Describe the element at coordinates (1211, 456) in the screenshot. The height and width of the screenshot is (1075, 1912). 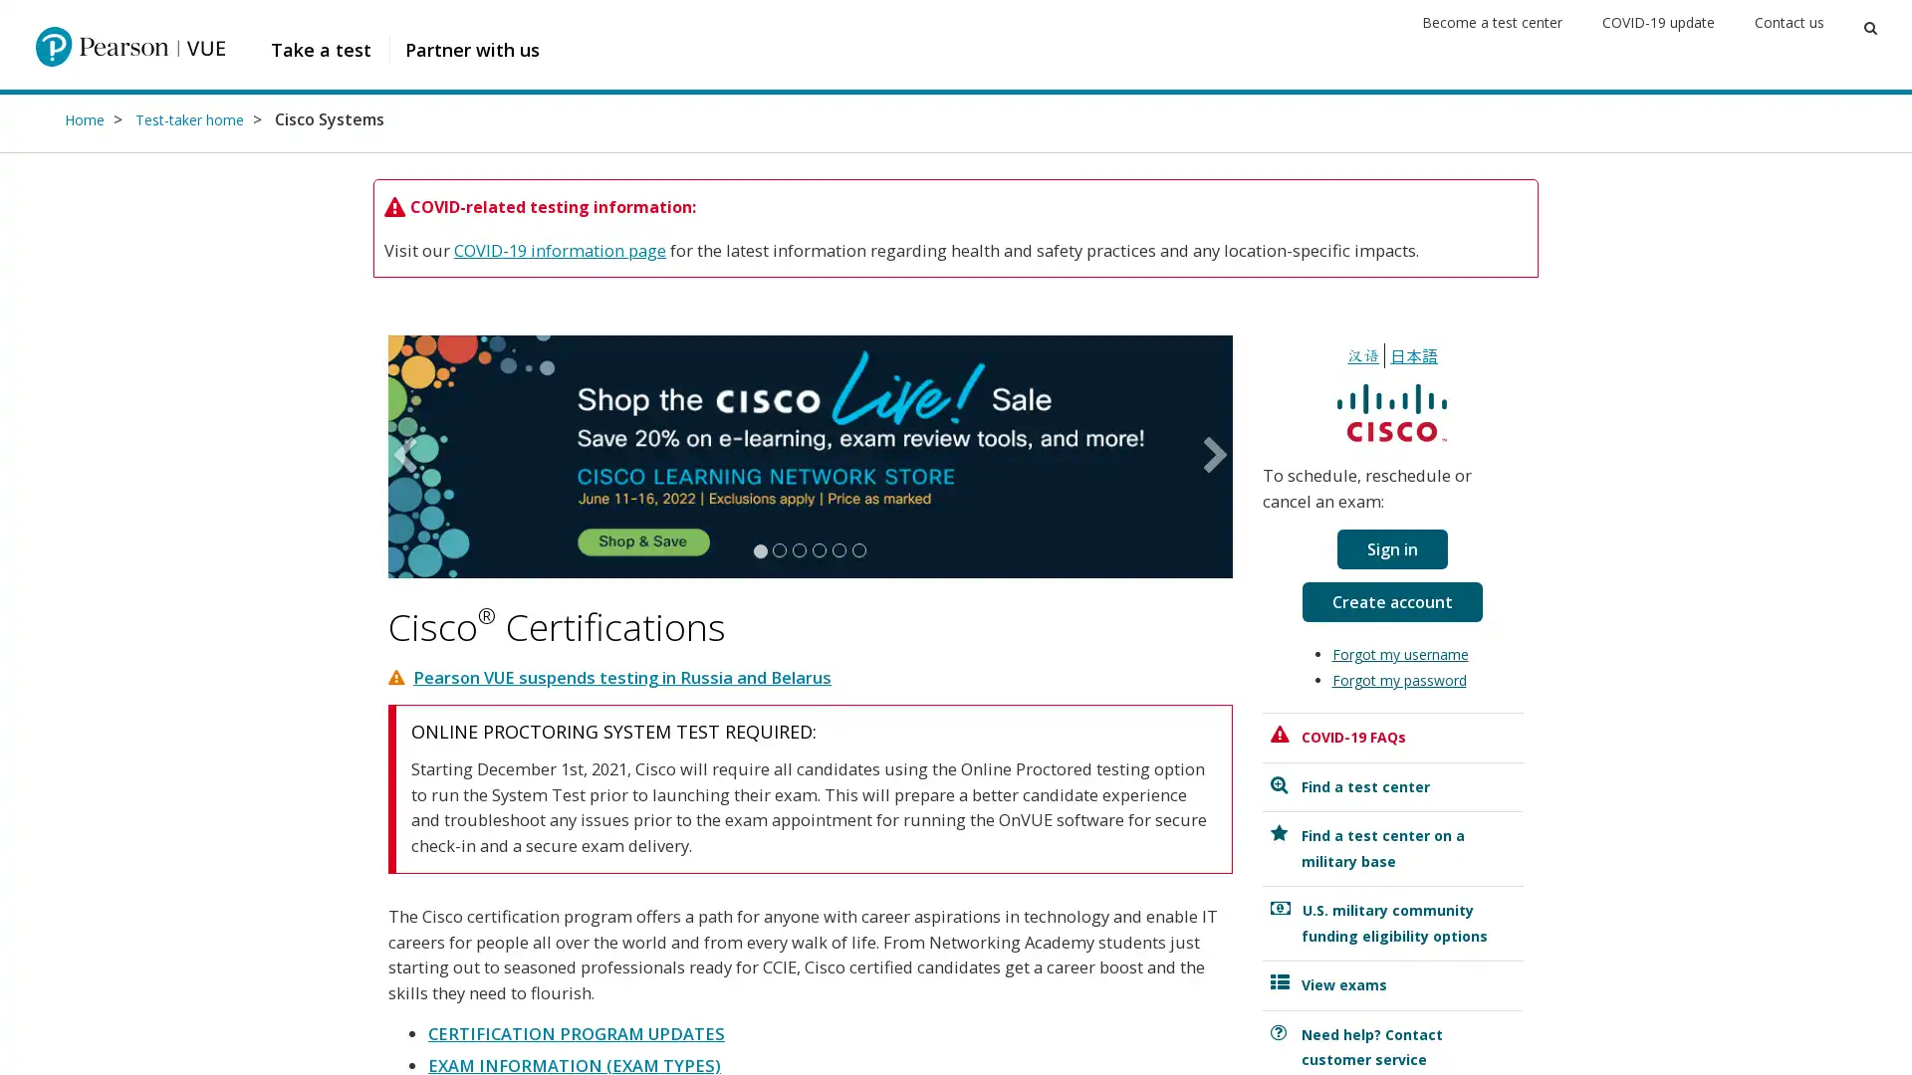
I see `Next` at that location.